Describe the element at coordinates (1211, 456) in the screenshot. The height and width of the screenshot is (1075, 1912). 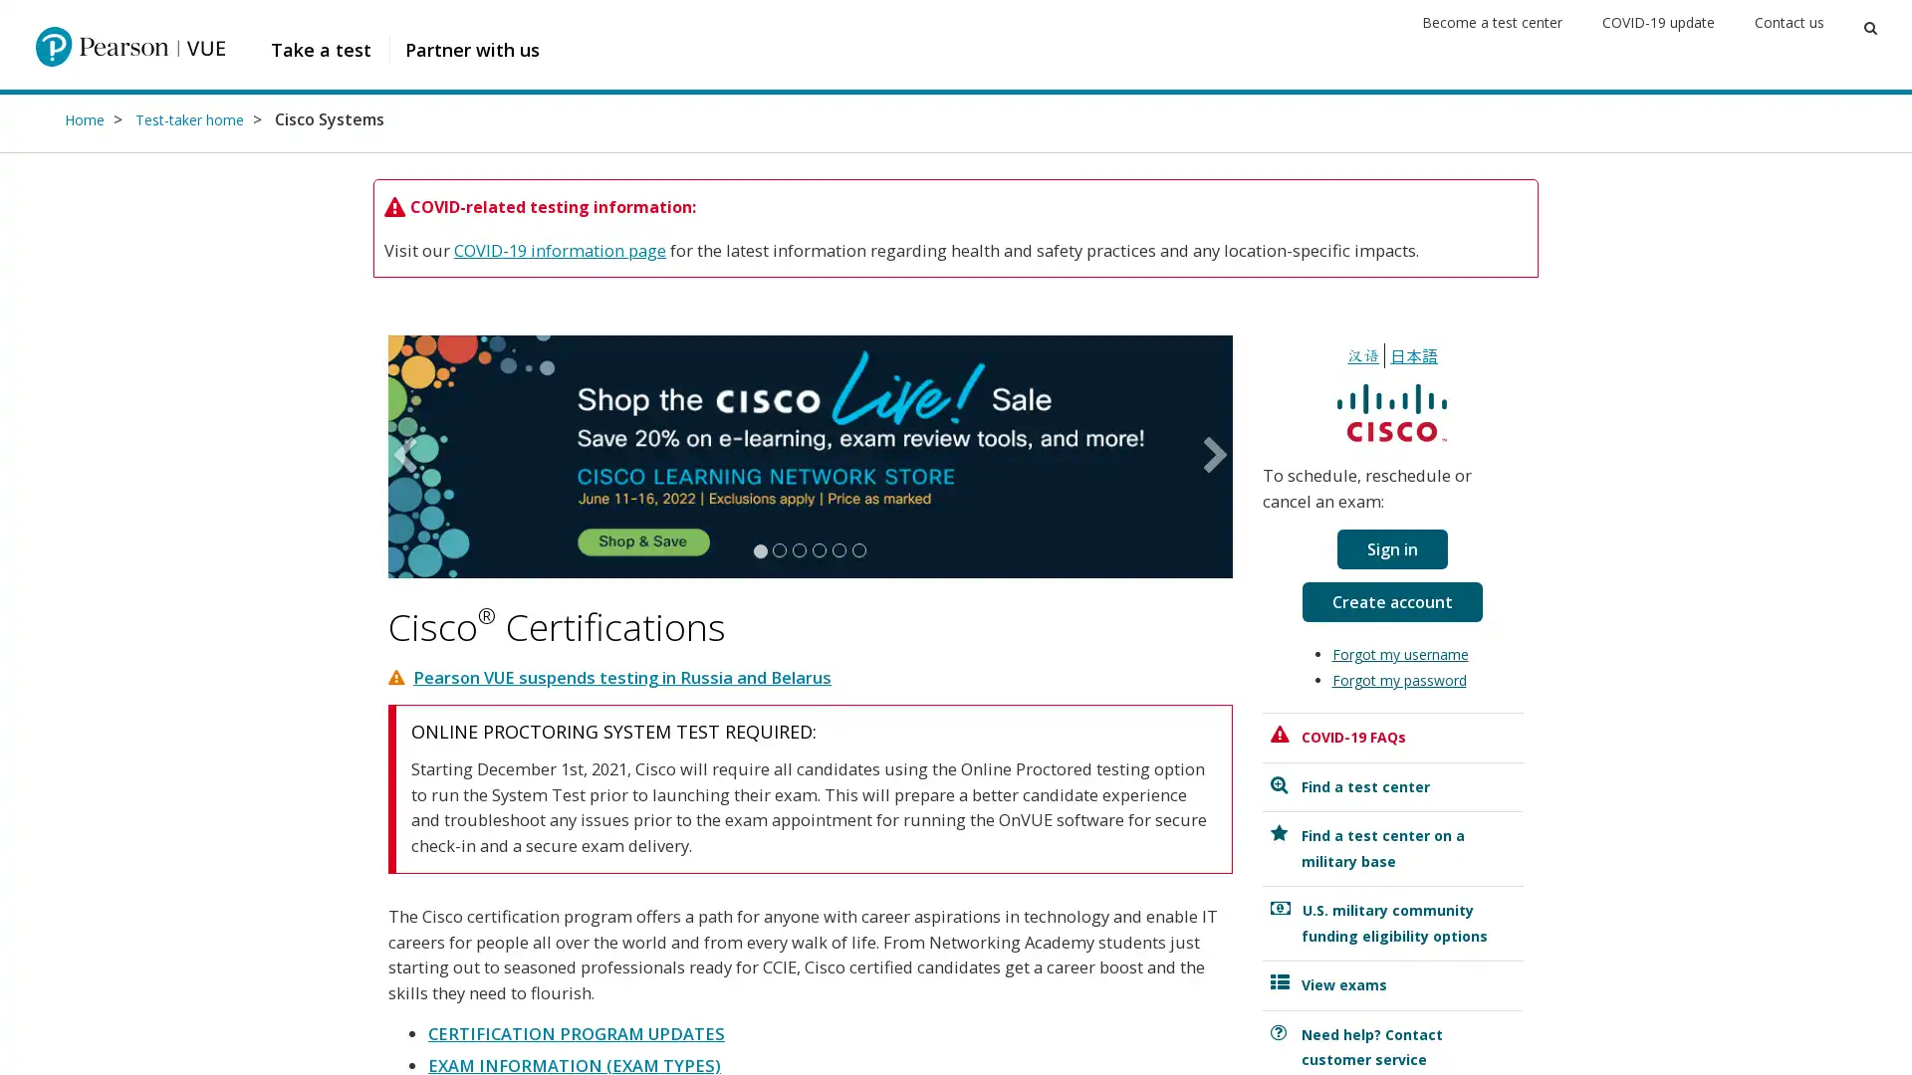
I see `Next` at that location.